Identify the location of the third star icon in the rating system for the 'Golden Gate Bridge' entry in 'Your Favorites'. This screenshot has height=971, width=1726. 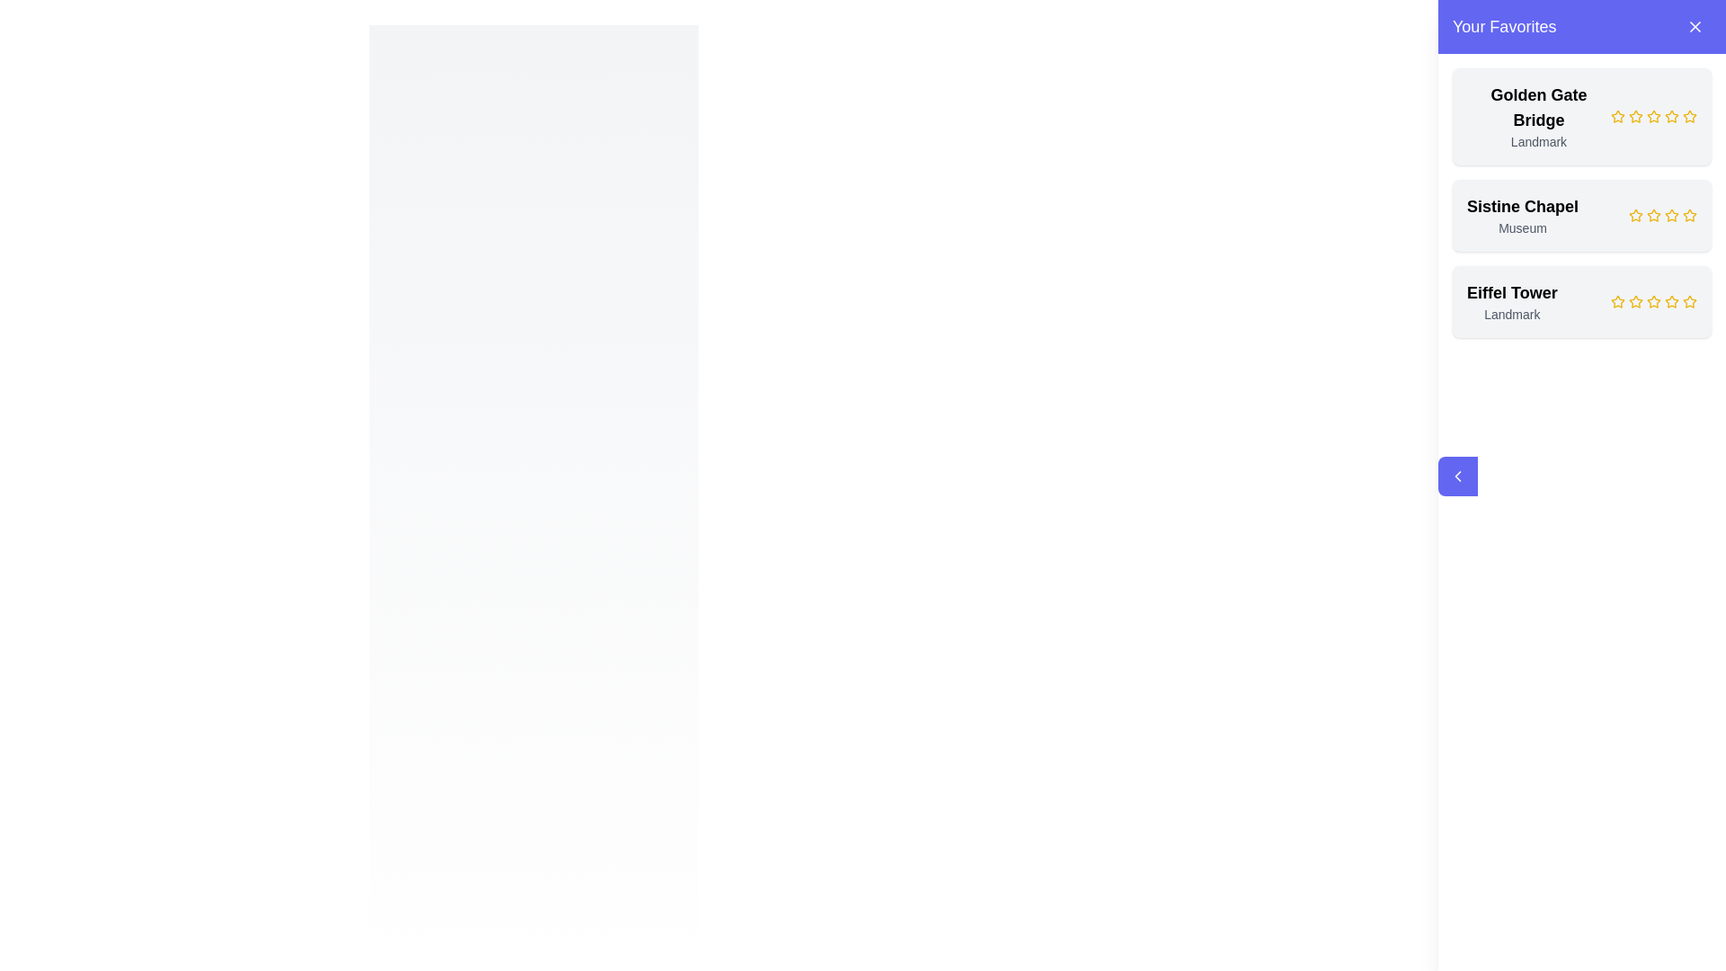
(1671, 117).